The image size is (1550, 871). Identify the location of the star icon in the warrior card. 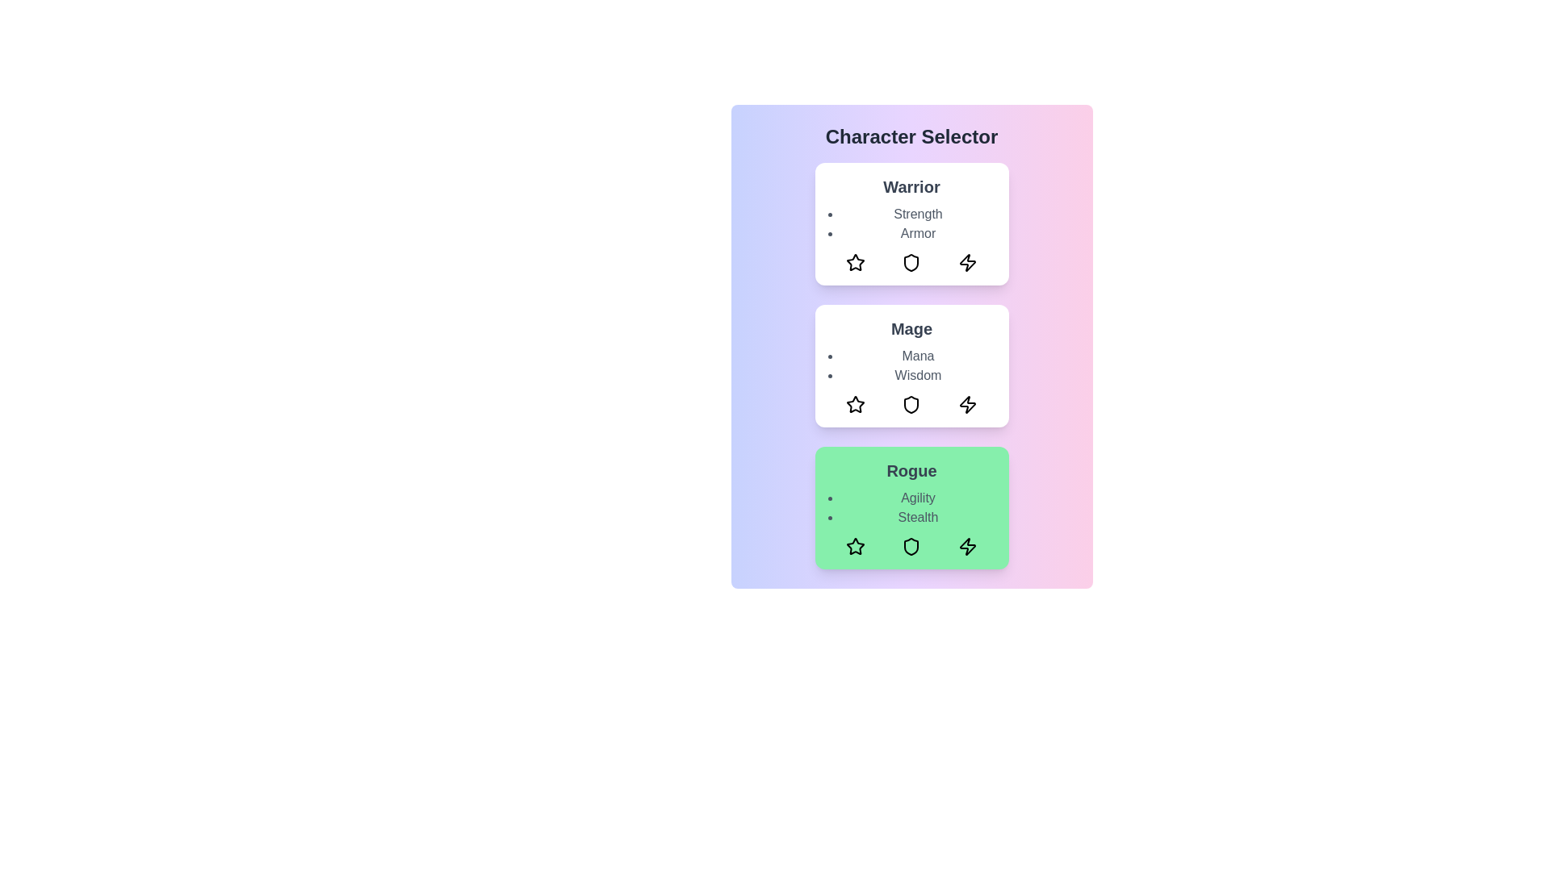
(855, 262).